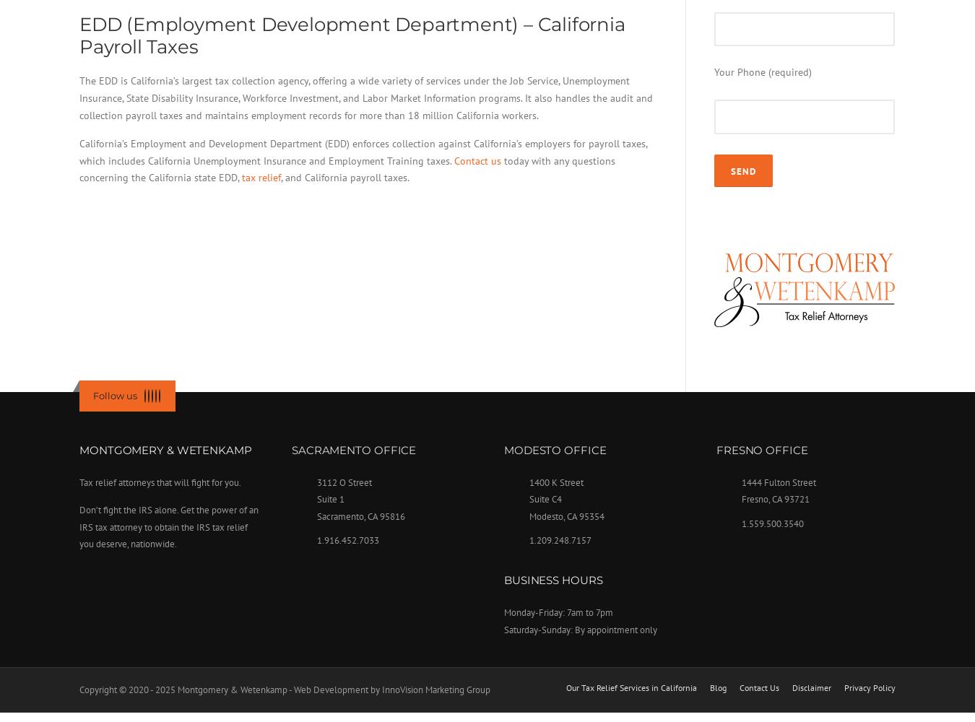 This screenshot has width=975, height=722. What do you see at coordinates (329, 498) in the screenshot?
I see `'Suite 1'` at bounding box center [329, 498].